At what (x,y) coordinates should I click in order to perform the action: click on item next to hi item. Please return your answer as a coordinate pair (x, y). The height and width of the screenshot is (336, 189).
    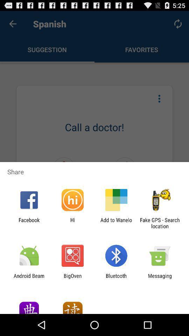
    Looking at the image, I should click on (29, 223).